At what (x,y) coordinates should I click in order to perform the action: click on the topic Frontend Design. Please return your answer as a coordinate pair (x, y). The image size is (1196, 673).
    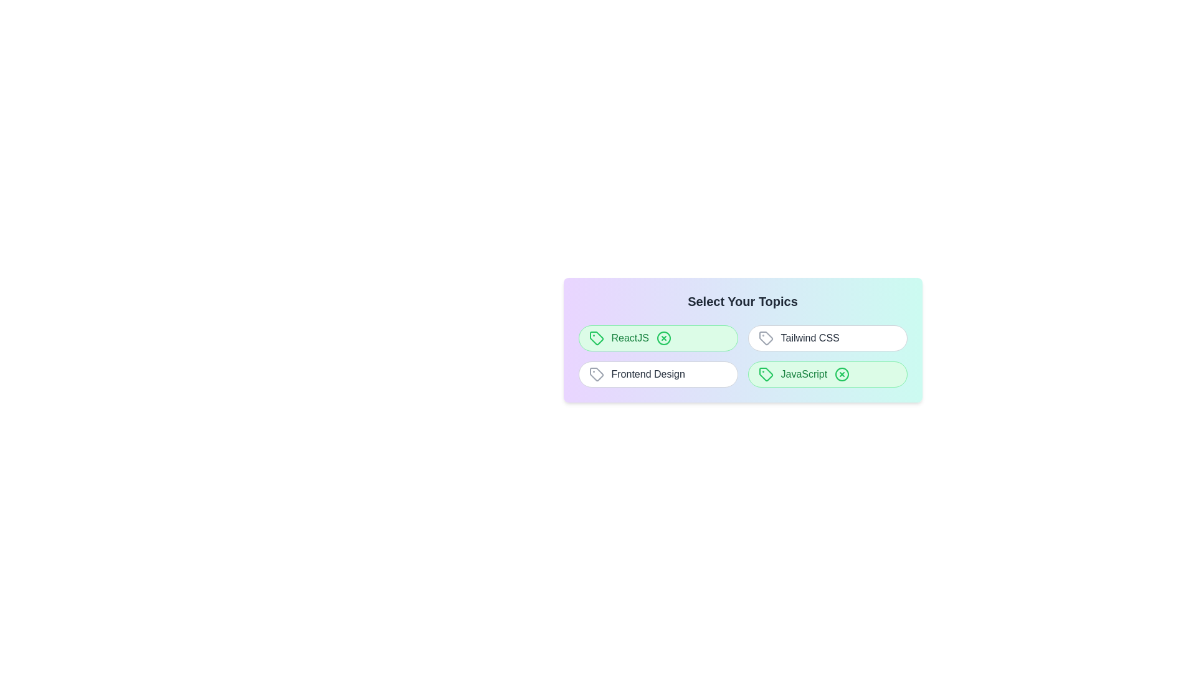
    Looking at the image, I should click on (657, 374).